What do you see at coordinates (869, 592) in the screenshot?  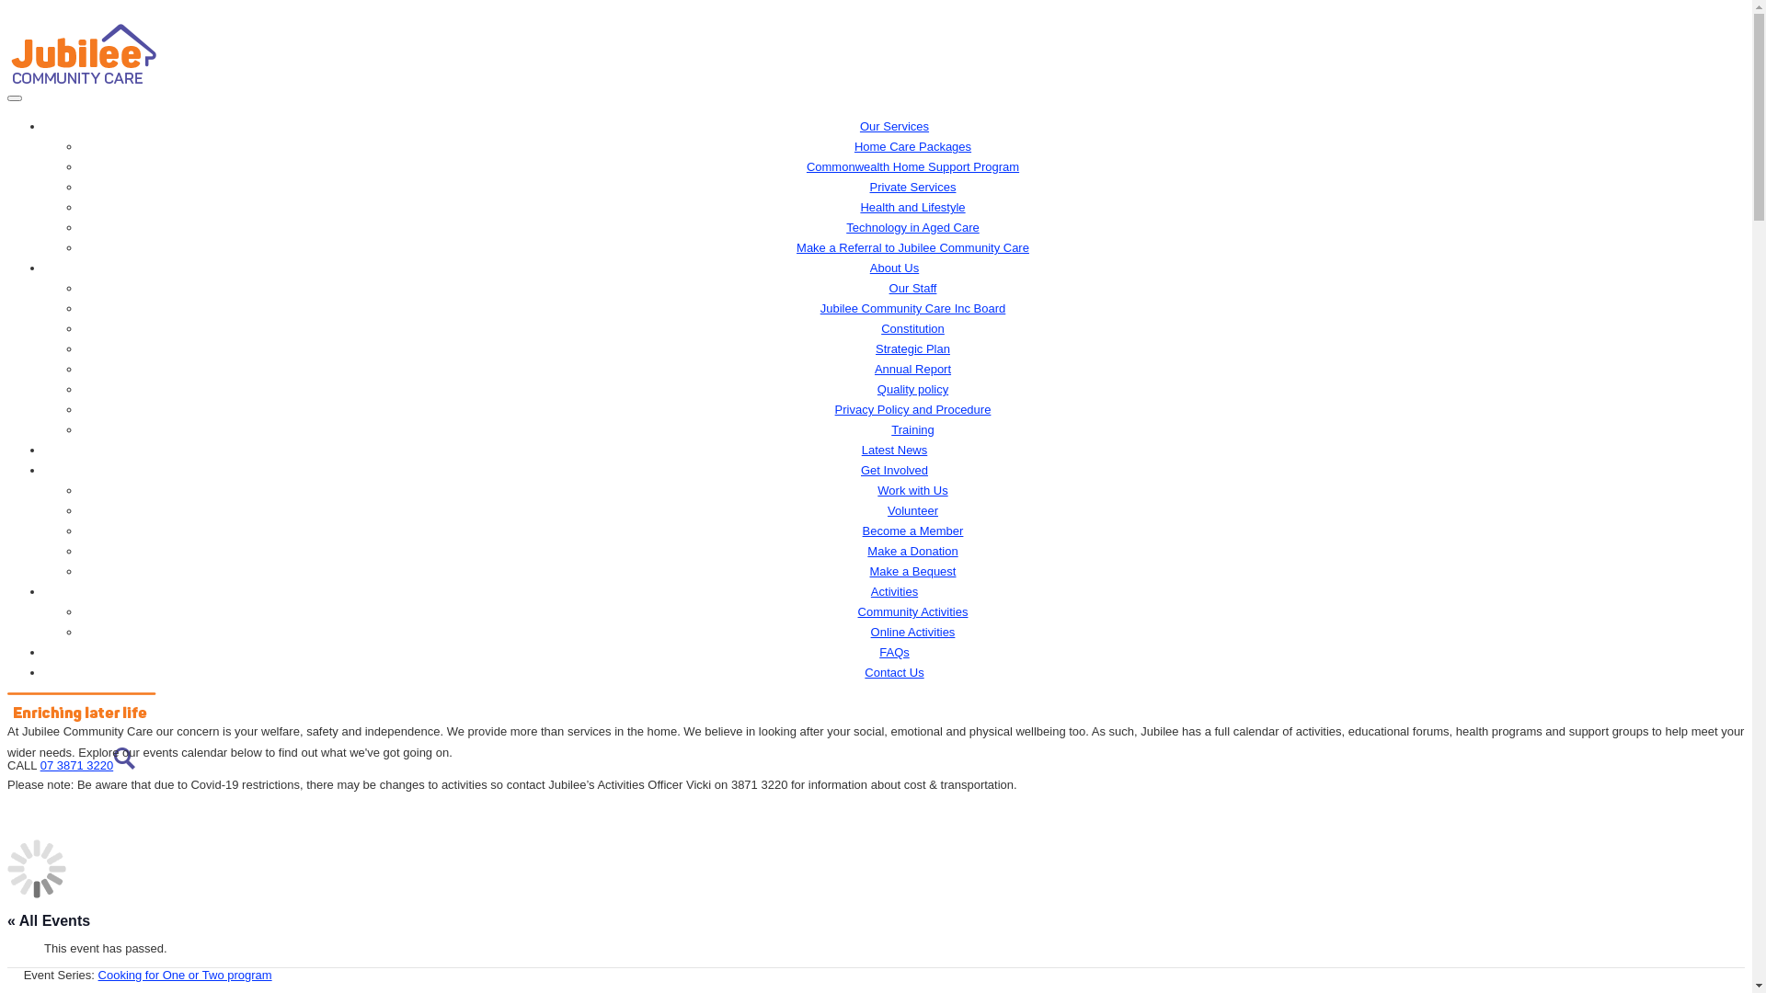 I see `'Activities'` at bounding box center [869, 592].